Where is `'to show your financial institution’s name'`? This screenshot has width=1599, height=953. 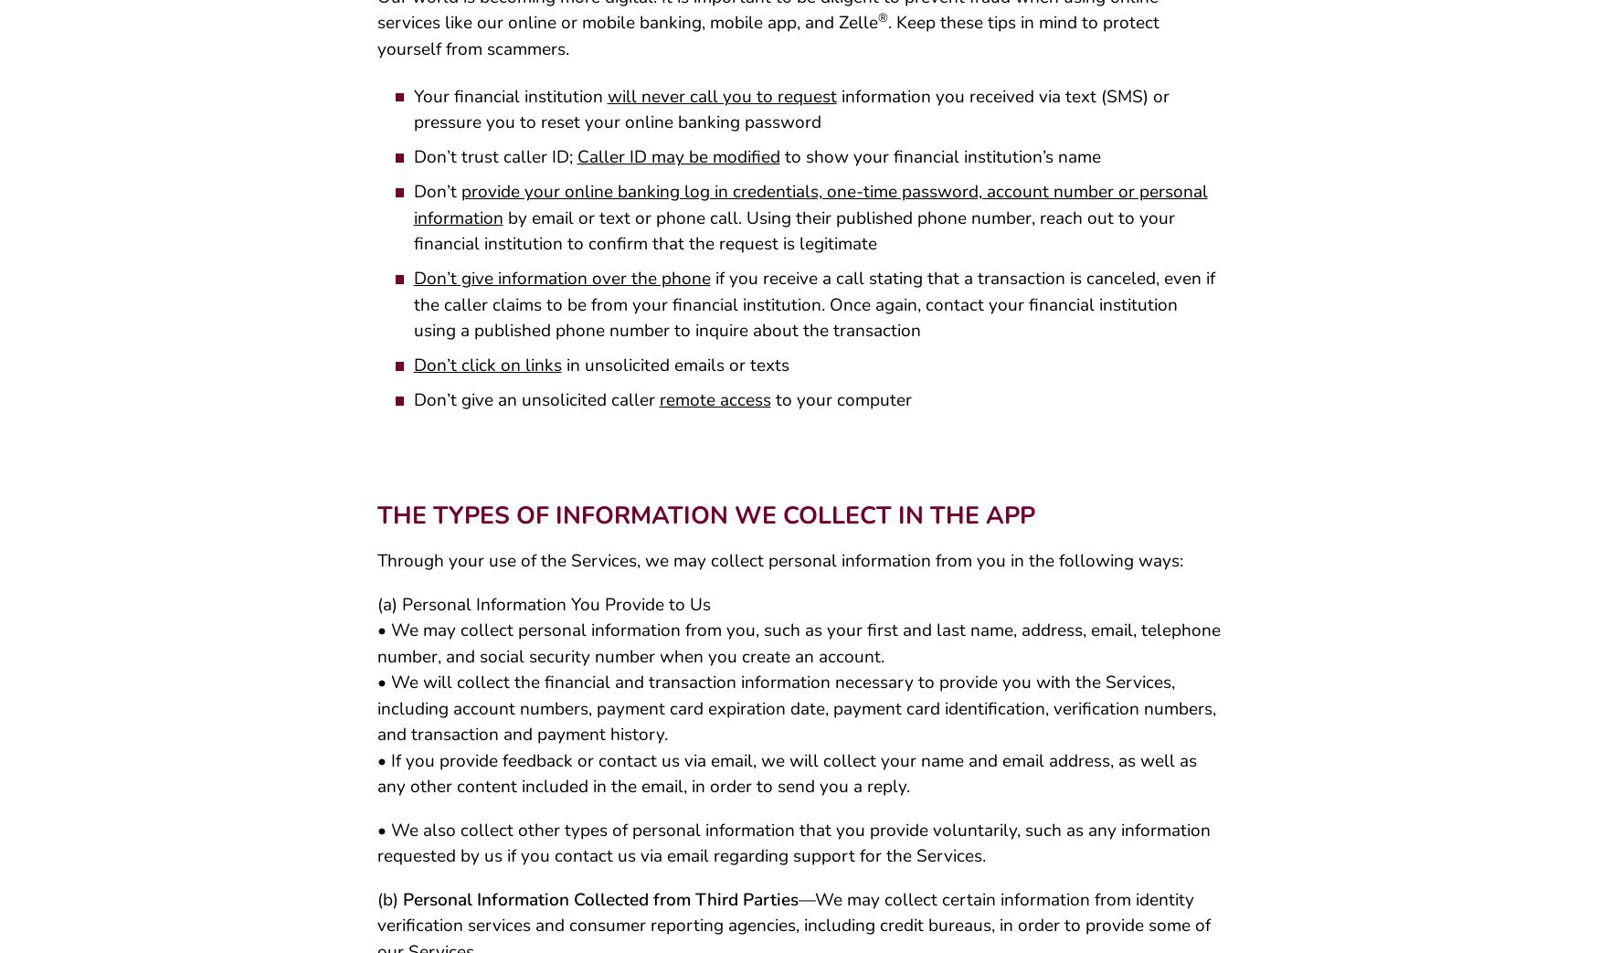 'to show your financial institution’s name' is located at coordinates (938, 164).